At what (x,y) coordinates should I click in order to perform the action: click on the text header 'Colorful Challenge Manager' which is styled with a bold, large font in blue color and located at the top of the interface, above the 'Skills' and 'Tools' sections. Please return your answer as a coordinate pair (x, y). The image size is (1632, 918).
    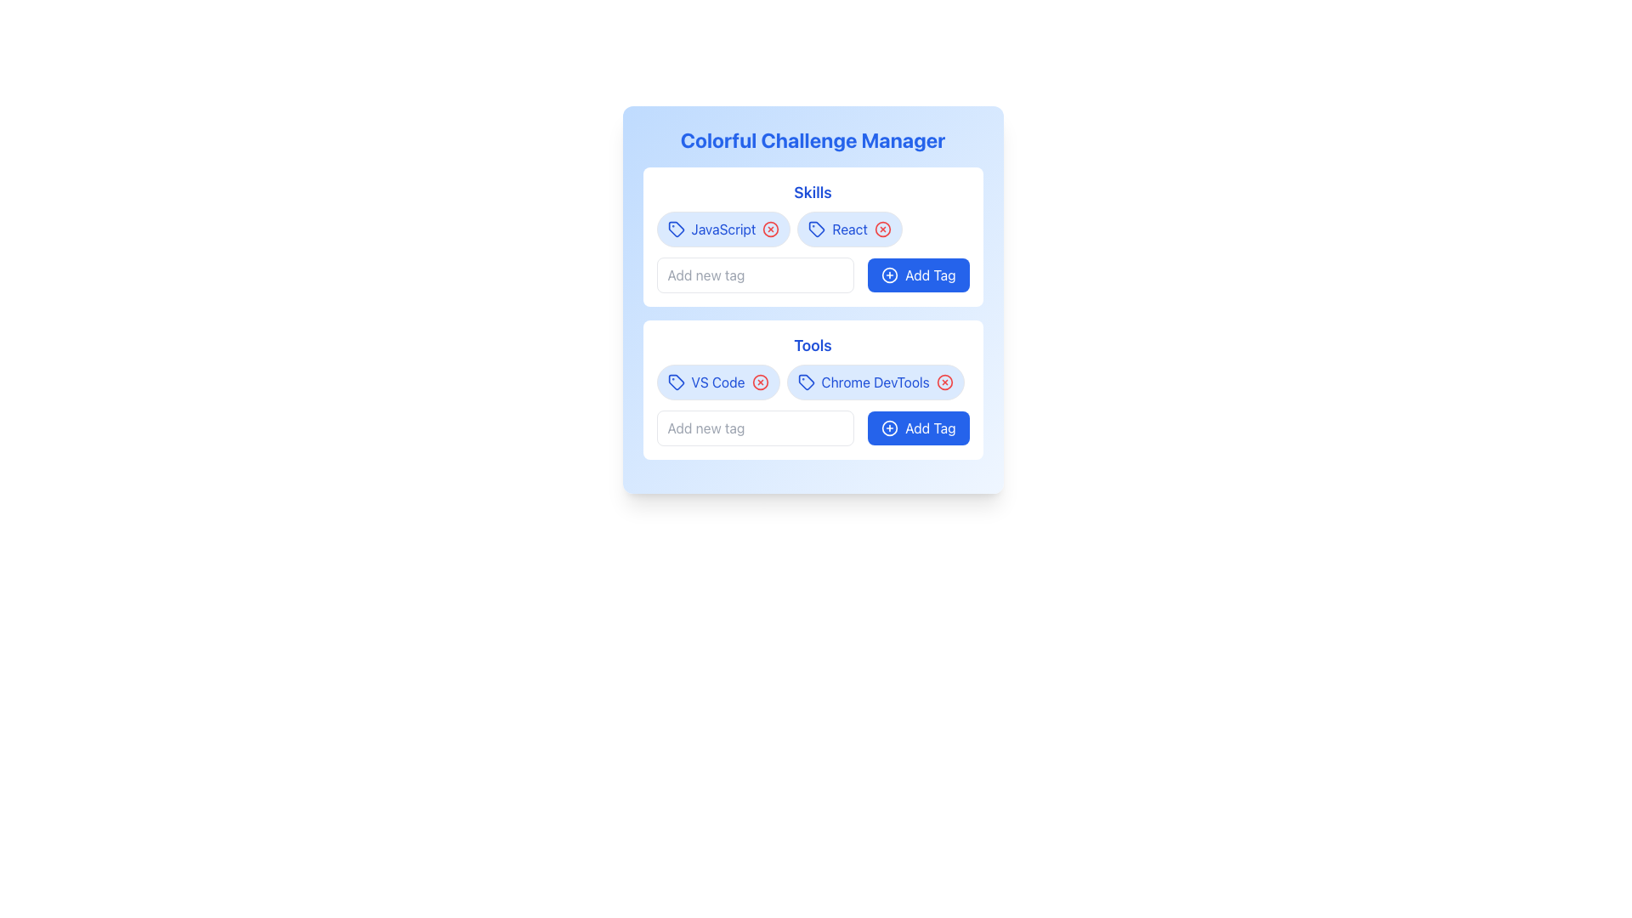
    Looking at the image, I should click on (812, 139).